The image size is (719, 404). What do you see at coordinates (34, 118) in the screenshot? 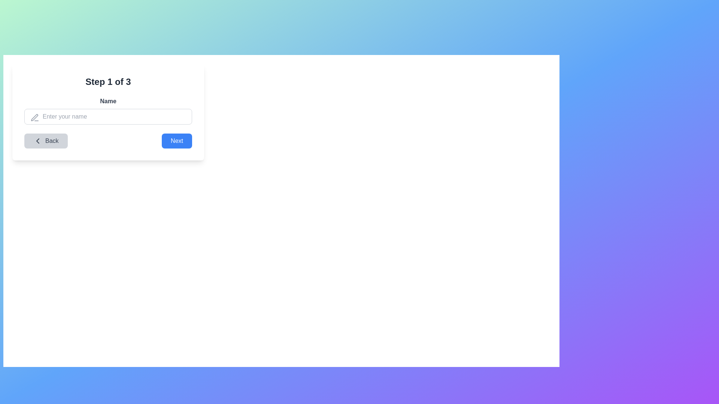
I see `the edit icon positioned to the left of the text field labeled 'Enter your name', indicating that the adjacent field can be modified` at bounding box center [34, 118].